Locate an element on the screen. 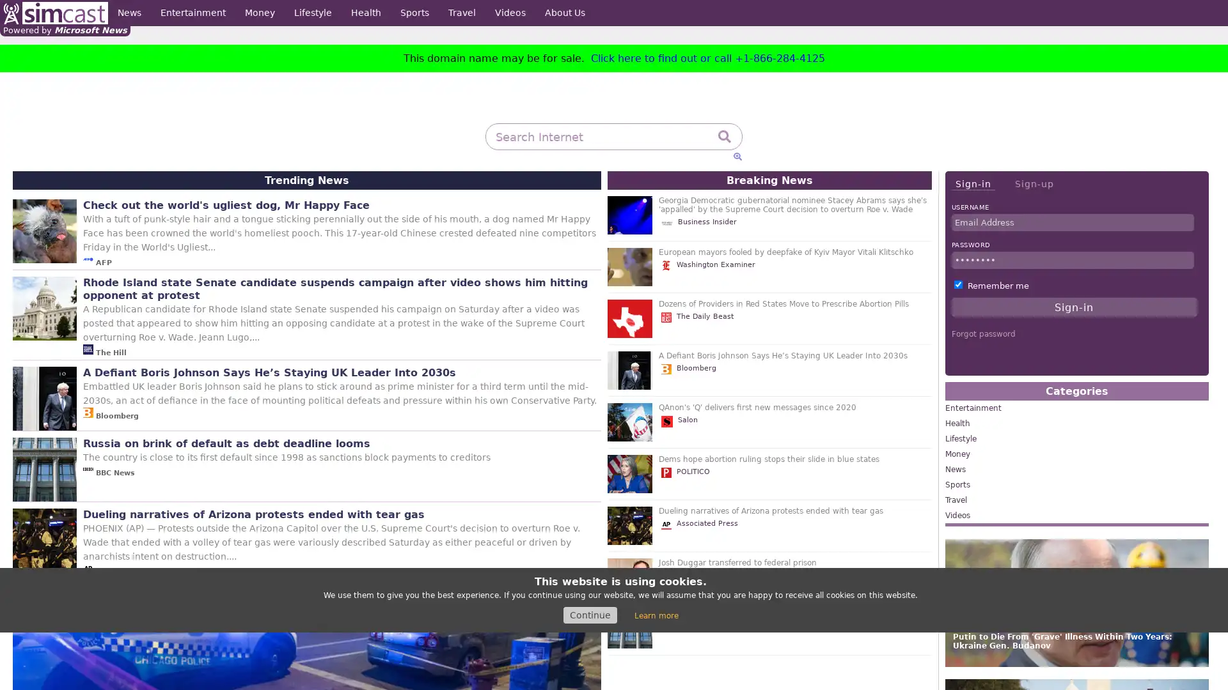 This screenshot has width=1228, height=690. Sign-in is located at coordinates (1074, 307).